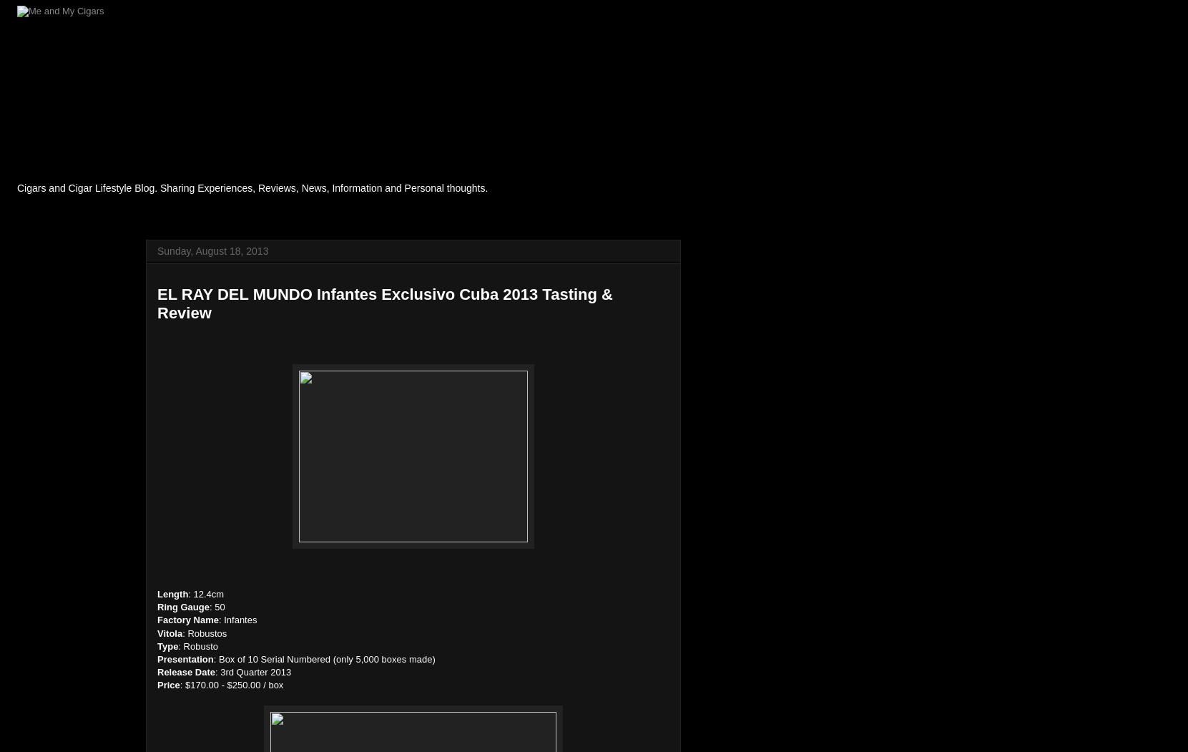  Describe the element at coordinates (384, 303) in the screenshot. I see `'EL RAY DEL MUNDO Infantes Exclusivo Cuba 2013 Tasting & Review'` at that location.